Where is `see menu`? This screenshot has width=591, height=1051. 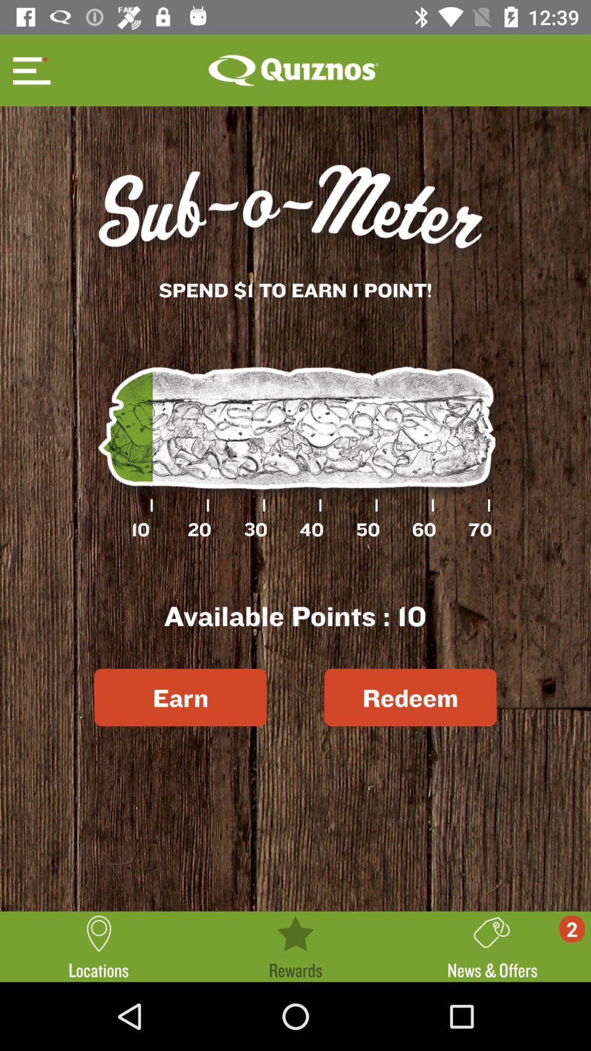
see menu is located at coordinates (30, 70).